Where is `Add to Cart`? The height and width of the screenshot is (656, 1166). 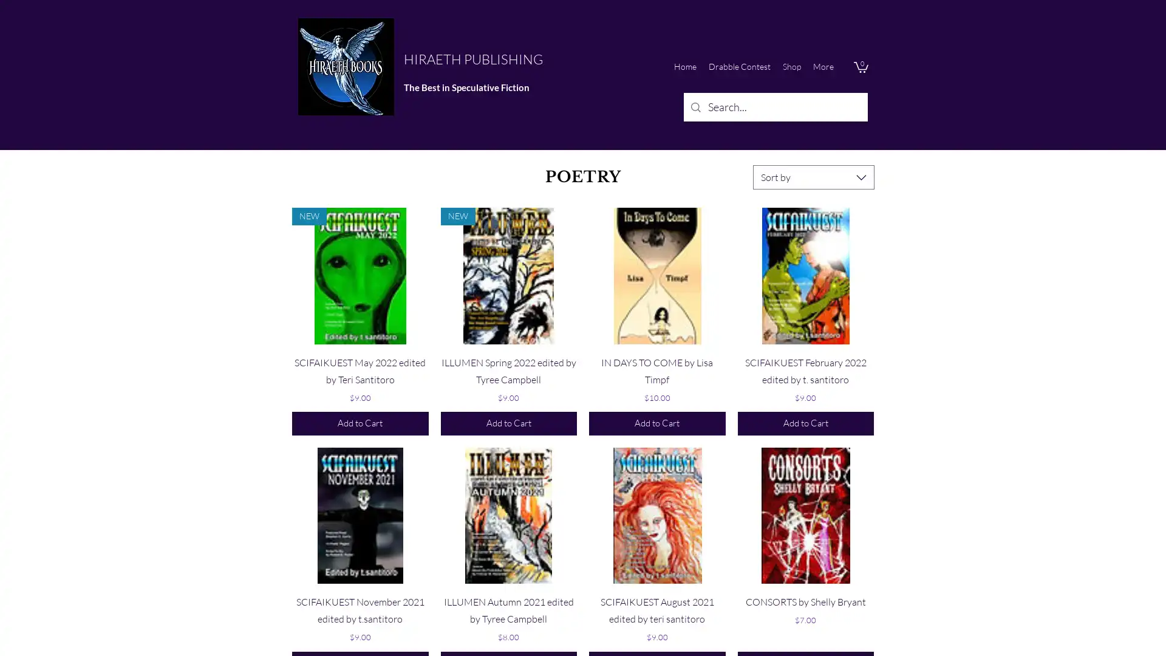 Add to Cart is located at coordinates (656, 423).